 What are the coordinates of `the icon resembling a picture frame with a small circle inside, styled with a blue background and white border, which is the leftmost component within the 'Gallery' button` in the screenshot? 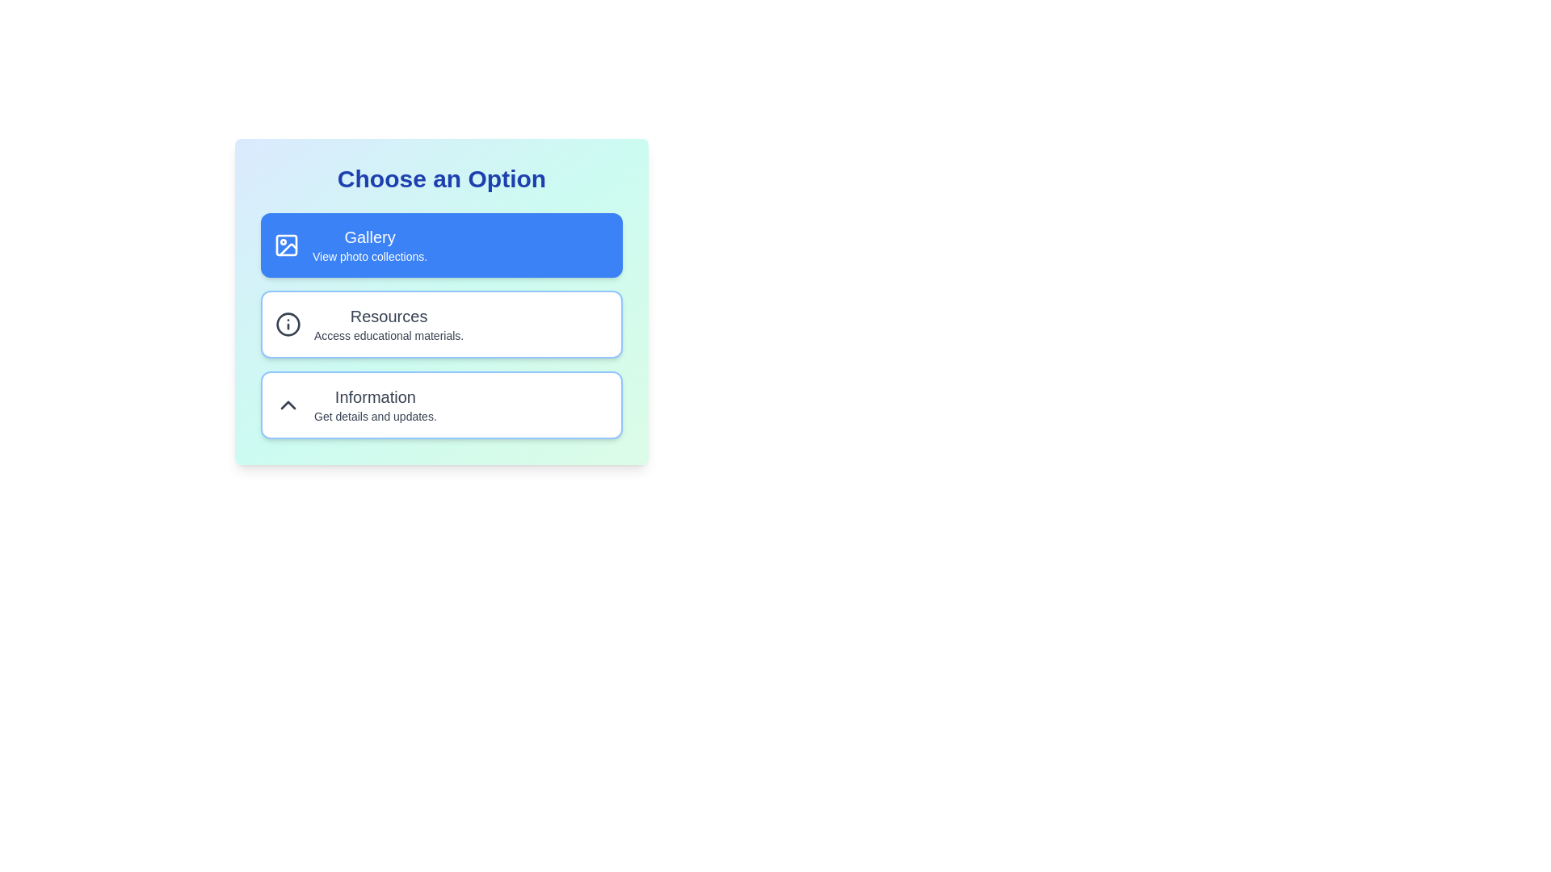 It's located at (287, 245).